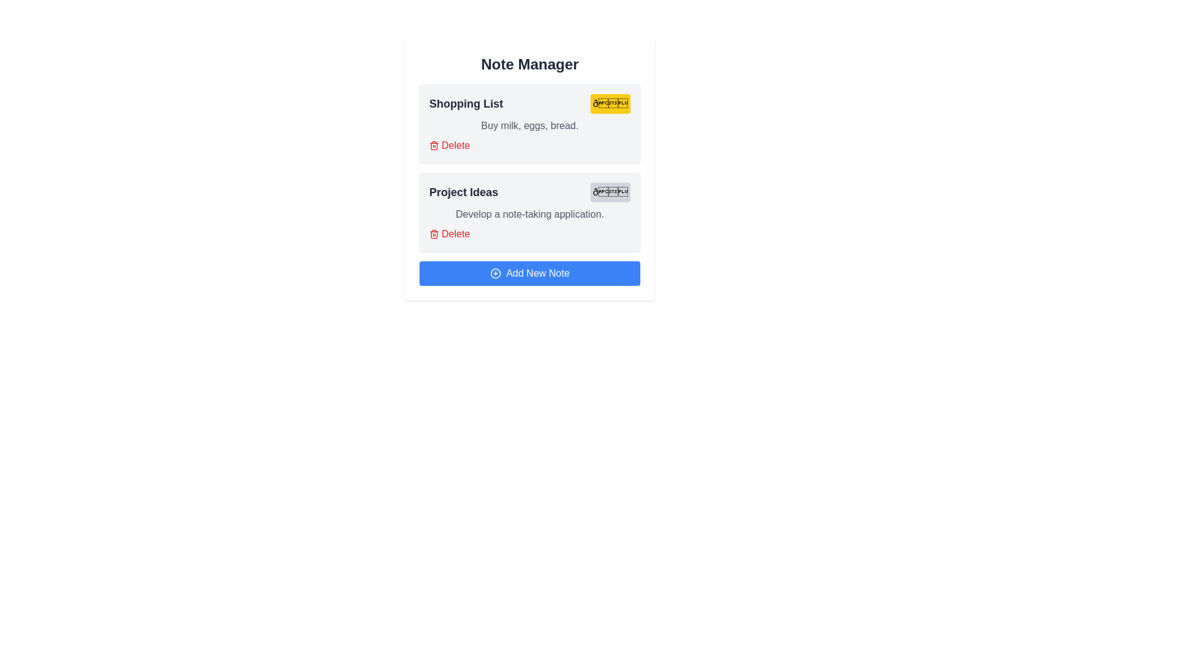  What do you see at coordinates (530, 272) in the screenshot?
I see `'Add New Note' button to create a new note` at bounding box center [530, 272].